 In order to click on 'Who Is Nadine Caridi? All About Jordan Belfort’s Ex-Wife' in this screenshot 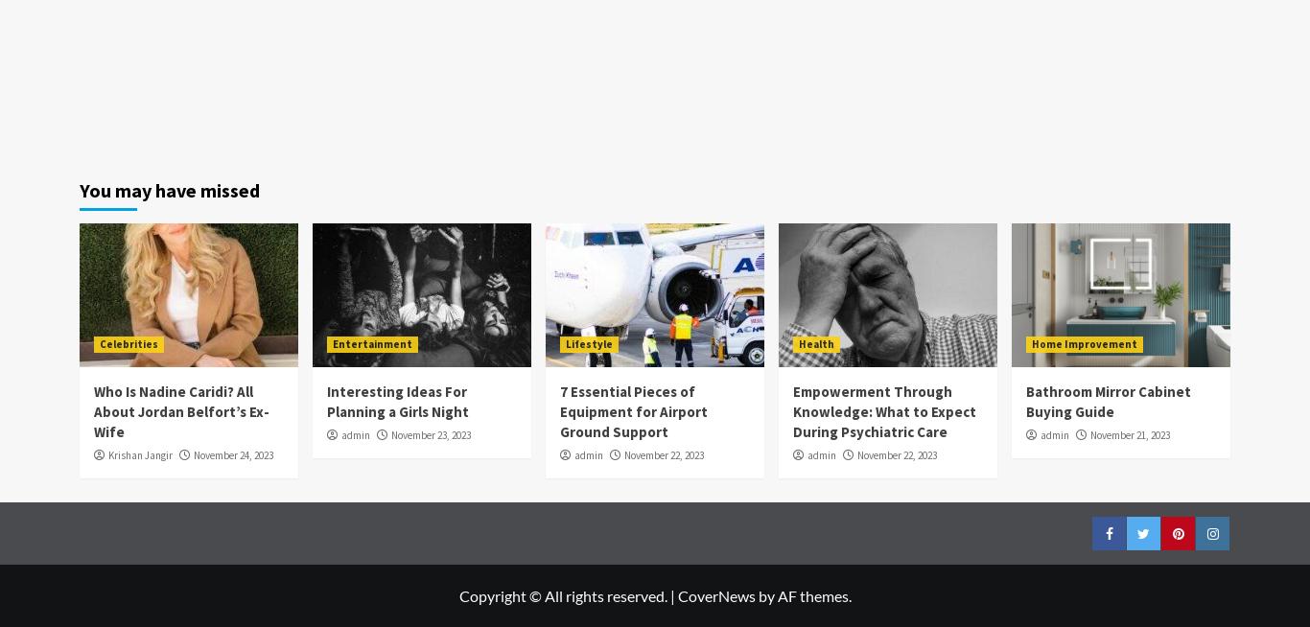, I will do `click(180, 410)`.